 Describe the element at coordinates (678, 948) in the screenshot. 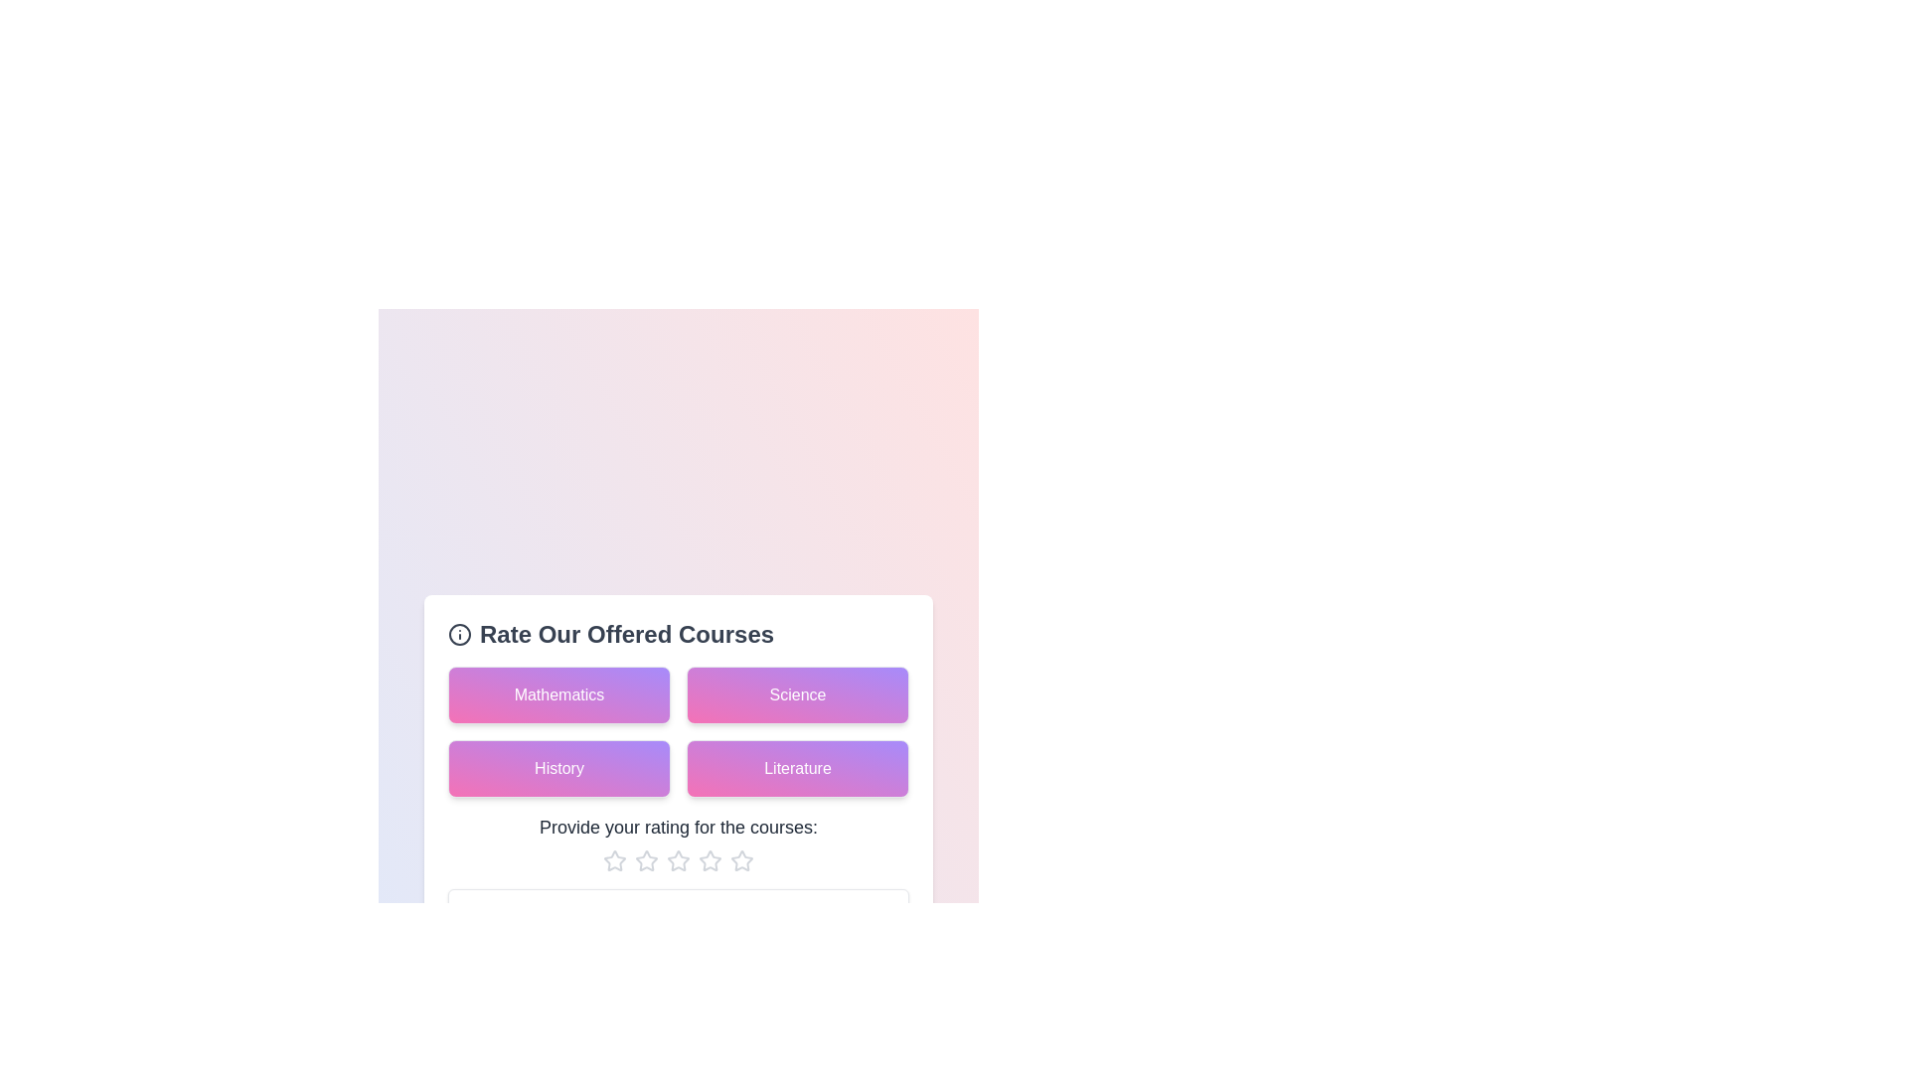

I see `the feedback textarea and type the desired feedback text` at that location.